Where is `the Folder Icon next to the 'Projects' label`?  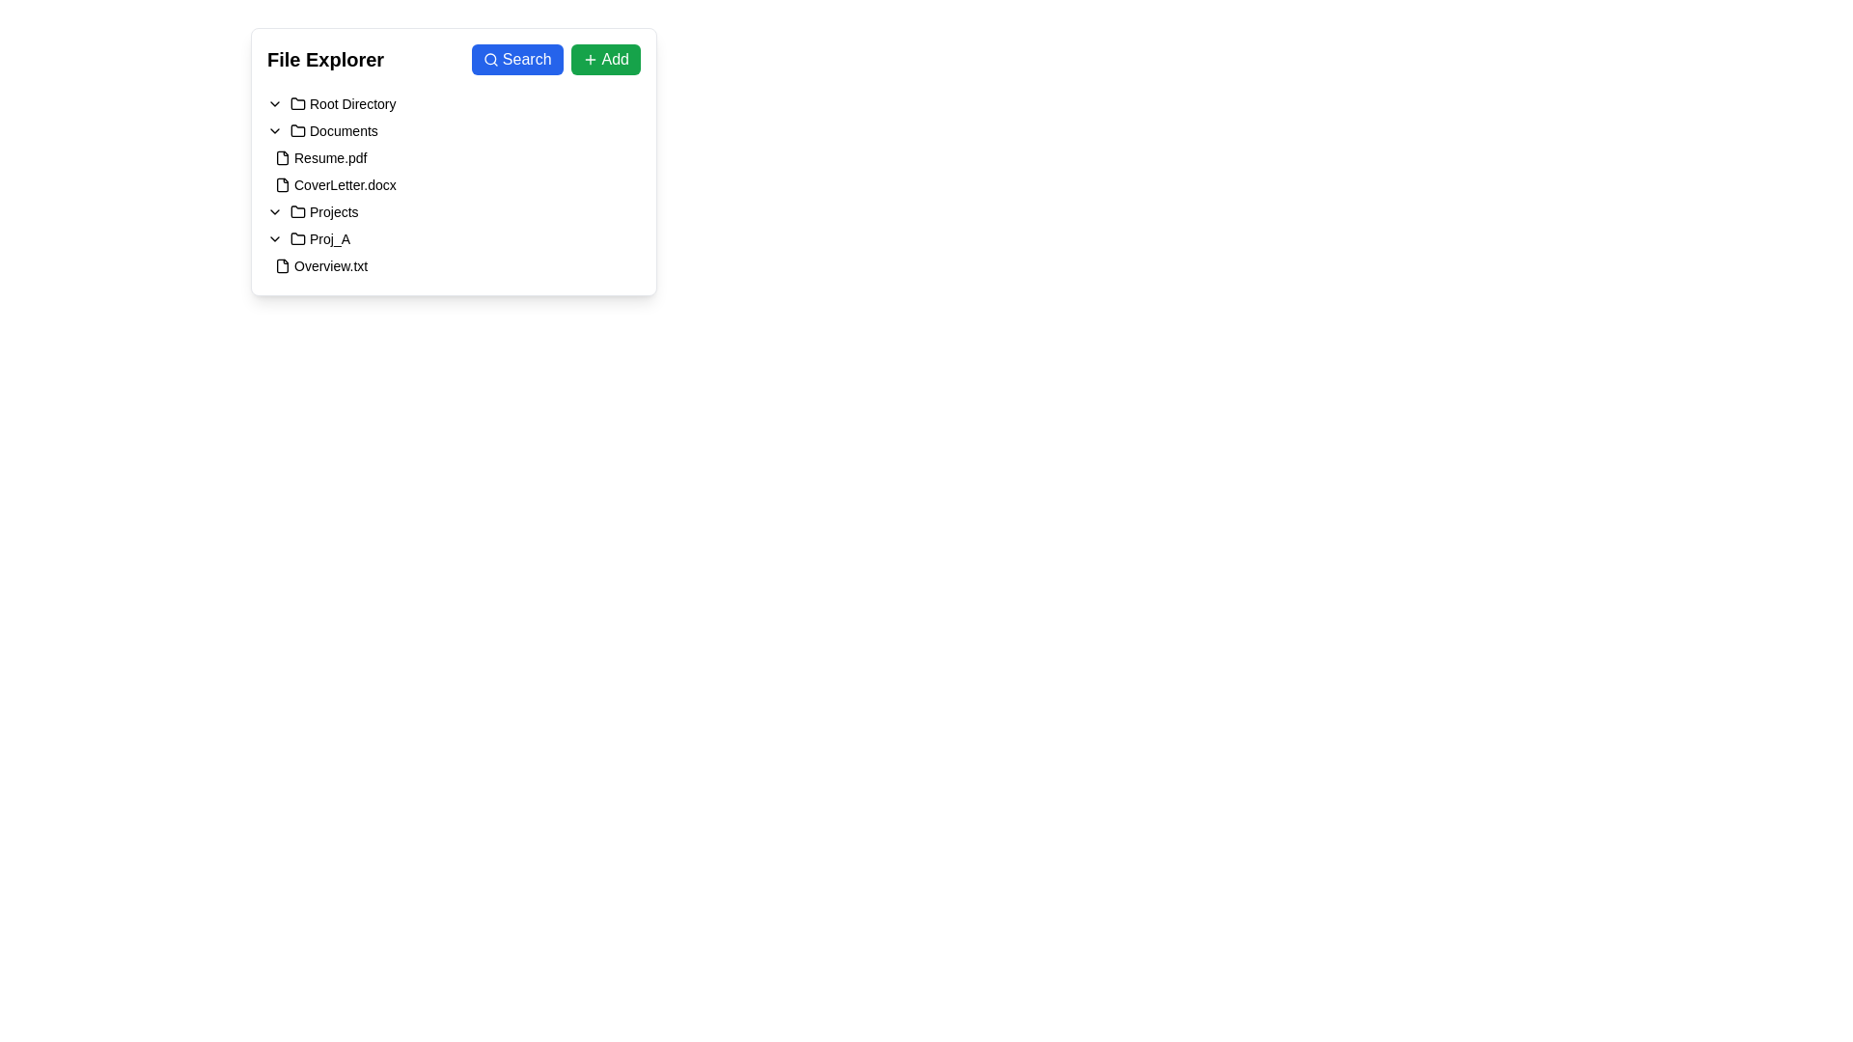 the Folder Icon next to the 'Projects' label is located at coordinates (296, 211).